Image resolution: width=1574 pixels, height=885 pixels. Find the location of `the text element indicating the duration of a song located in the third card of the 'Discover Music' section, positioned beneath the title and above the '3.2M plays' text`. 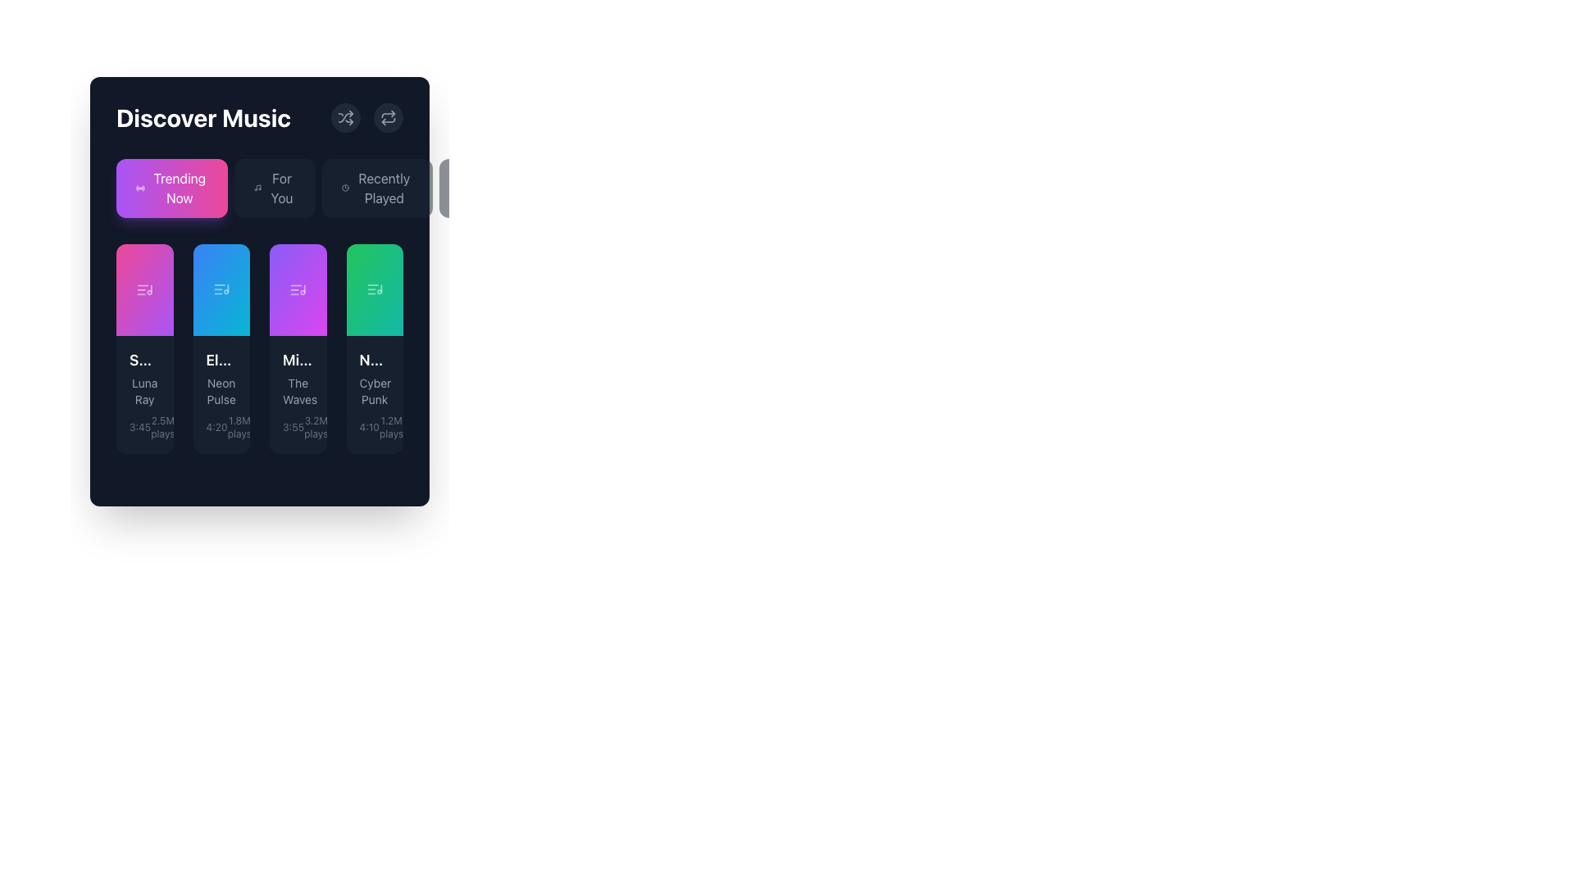

the text element indicating the duration of a song located in the third card of the 'Discover Music' section, positioned beneath the title and above the '3.2M plays' text is located at coordinates (293, 426).